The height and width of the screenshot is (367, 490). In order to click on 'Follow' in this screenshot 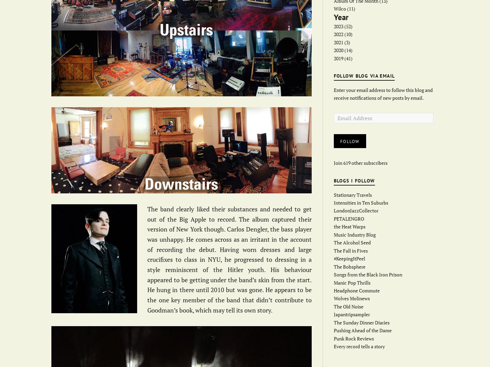, I will do `click(350, 140)`.